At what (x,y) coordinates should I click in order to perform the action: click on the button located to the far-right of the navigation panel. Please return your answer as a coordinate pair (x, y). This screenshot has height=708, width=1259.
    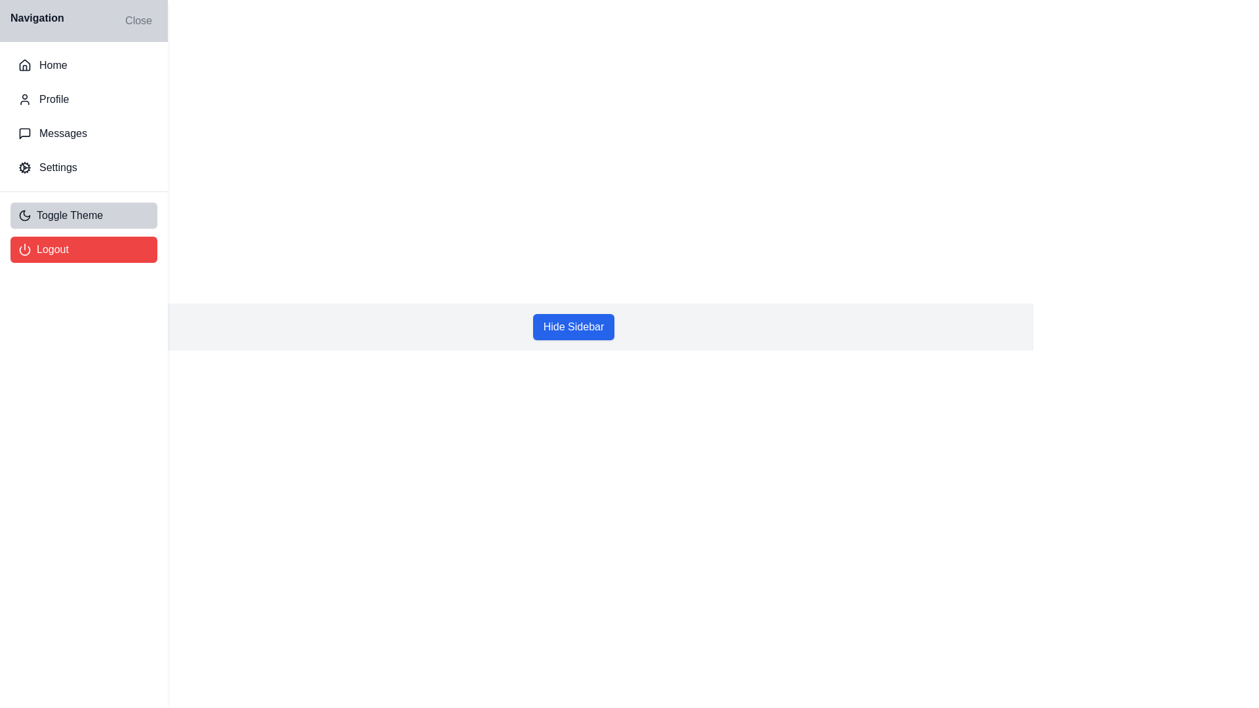
    Looking at the image, I should click on (138, 20).